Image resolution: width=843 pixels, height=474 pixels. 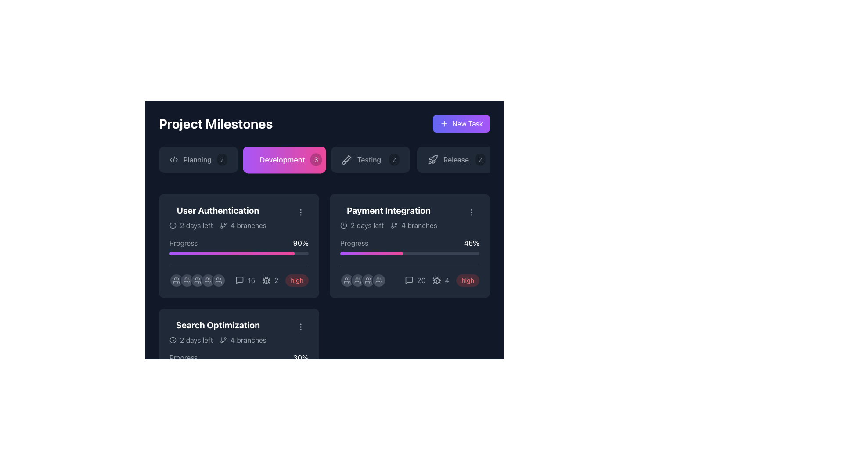 What do you see at coordinates (388, 225) in the screenshot?
I see `the Metadata display showing '2 days left' and '4 branches' within the 'Payment Integration' card` at bounding box center [388, 225].